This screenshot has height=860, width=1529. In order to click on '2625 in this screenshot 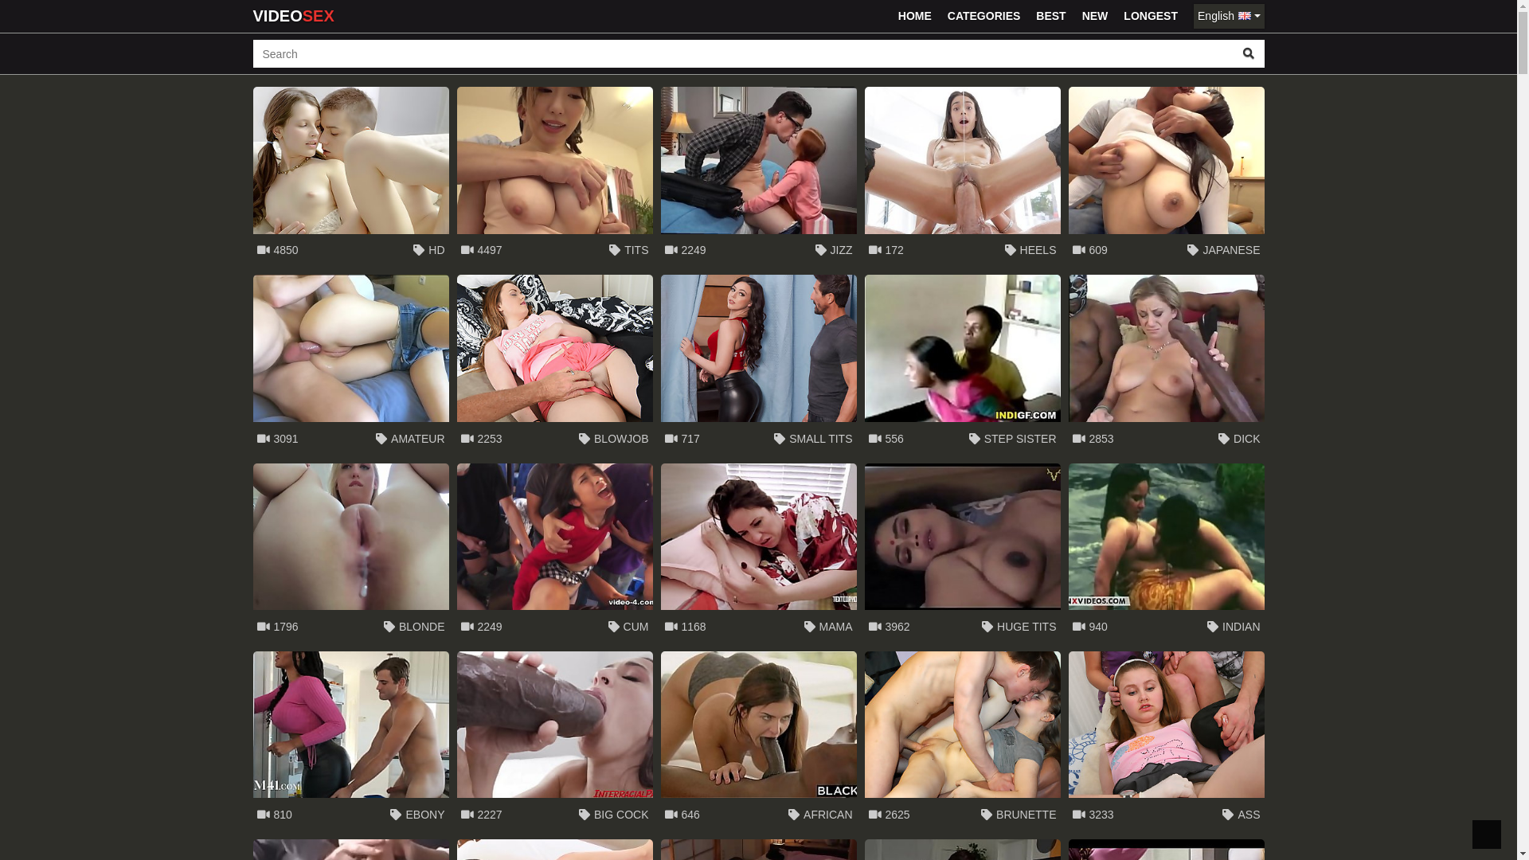, I will do `click(962, 741)`.